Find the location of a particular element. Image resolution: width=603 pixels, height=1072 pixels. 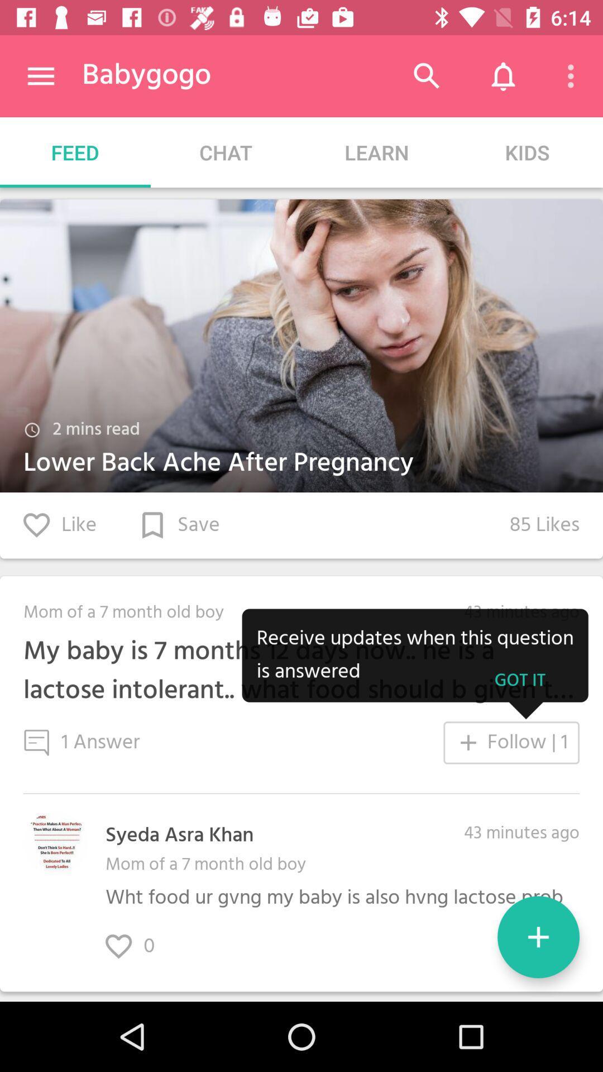

the add icon is located at coordinates (538, 937).